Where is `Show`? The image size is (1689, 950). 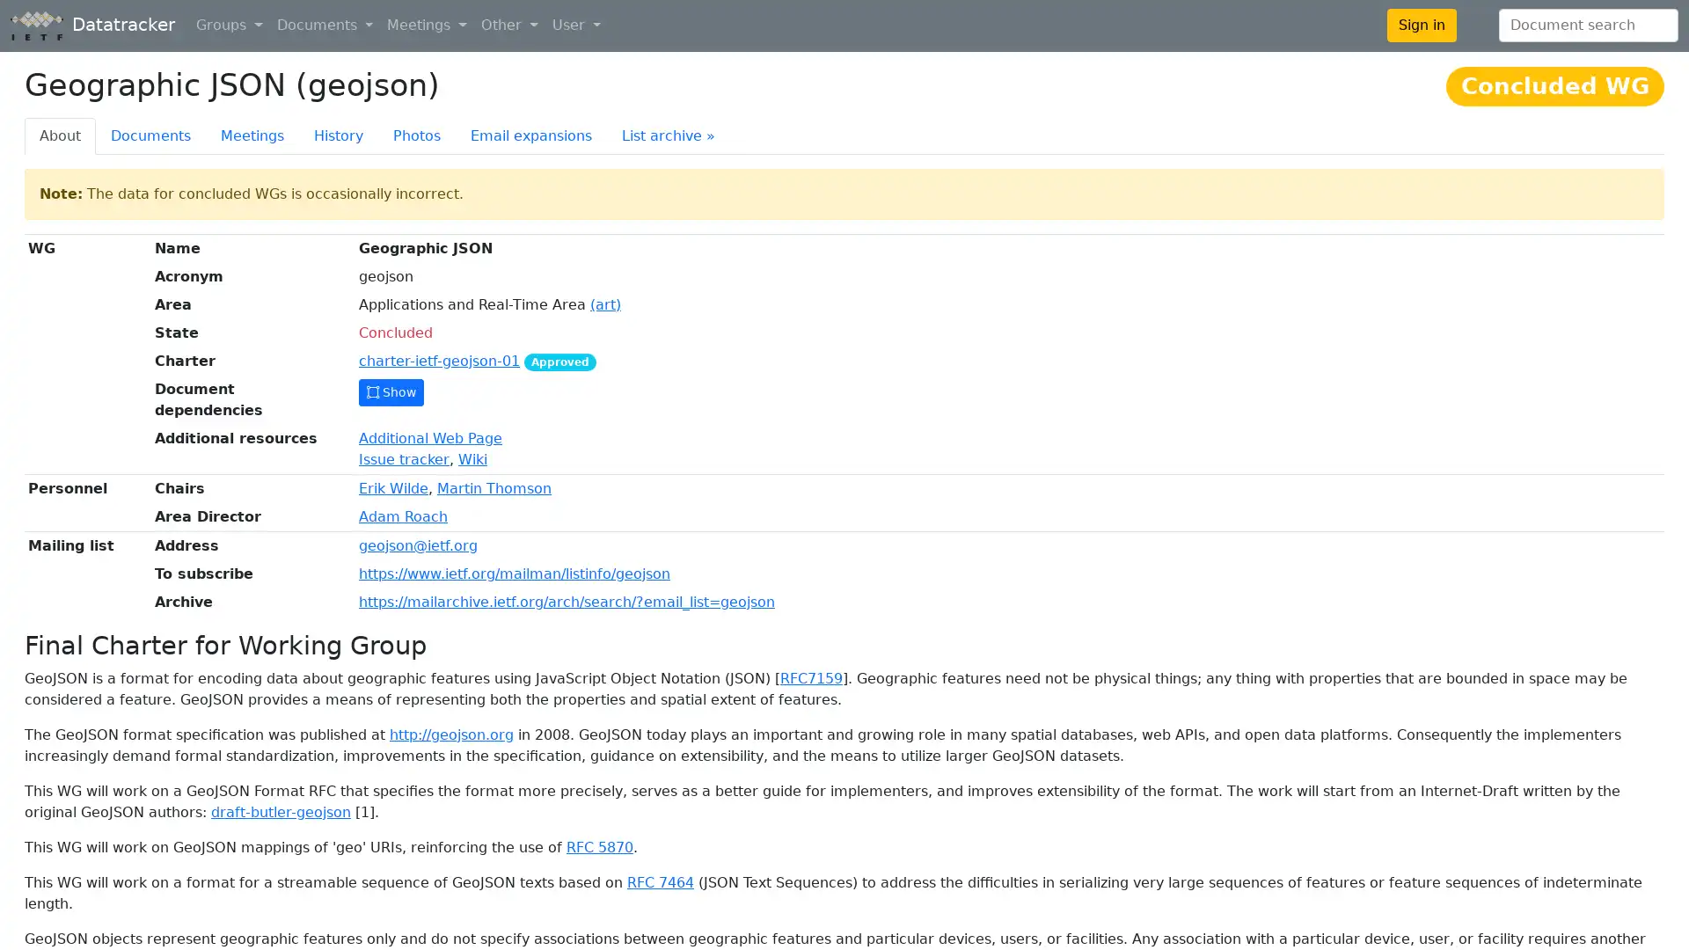 Show is located at coordinates (391, 391).